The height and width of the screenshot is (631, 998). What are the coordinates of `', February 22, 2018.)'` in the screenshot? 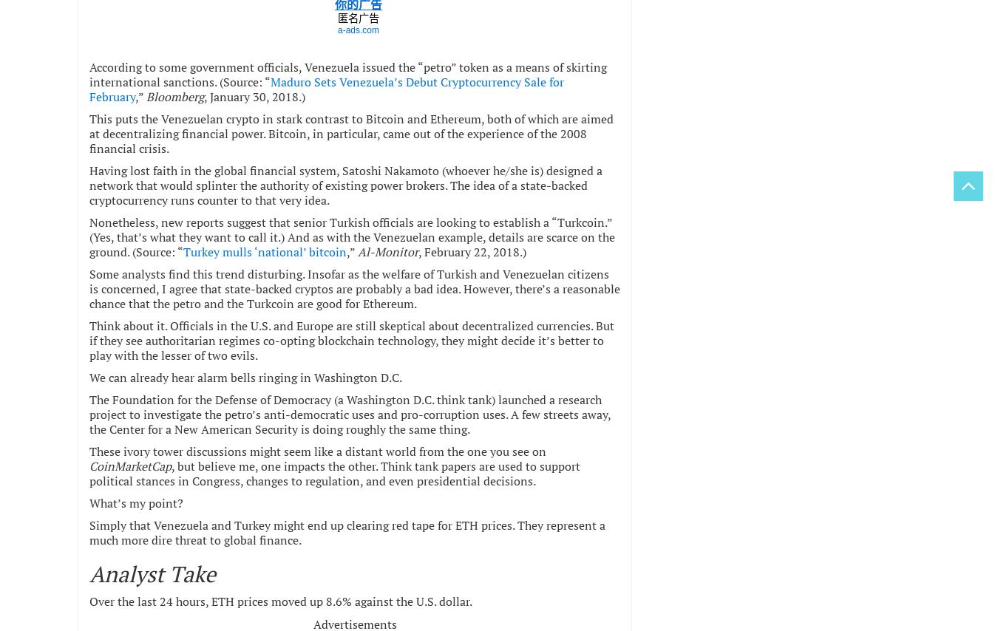 It's located at (472, 250).